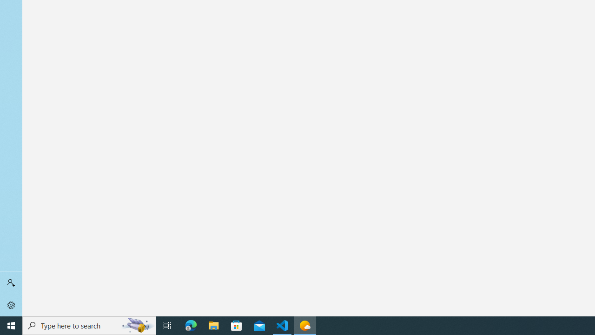  Describe the element at coordinates (213, 325) in the screenshot. I see `'File Explorer'` at that location.